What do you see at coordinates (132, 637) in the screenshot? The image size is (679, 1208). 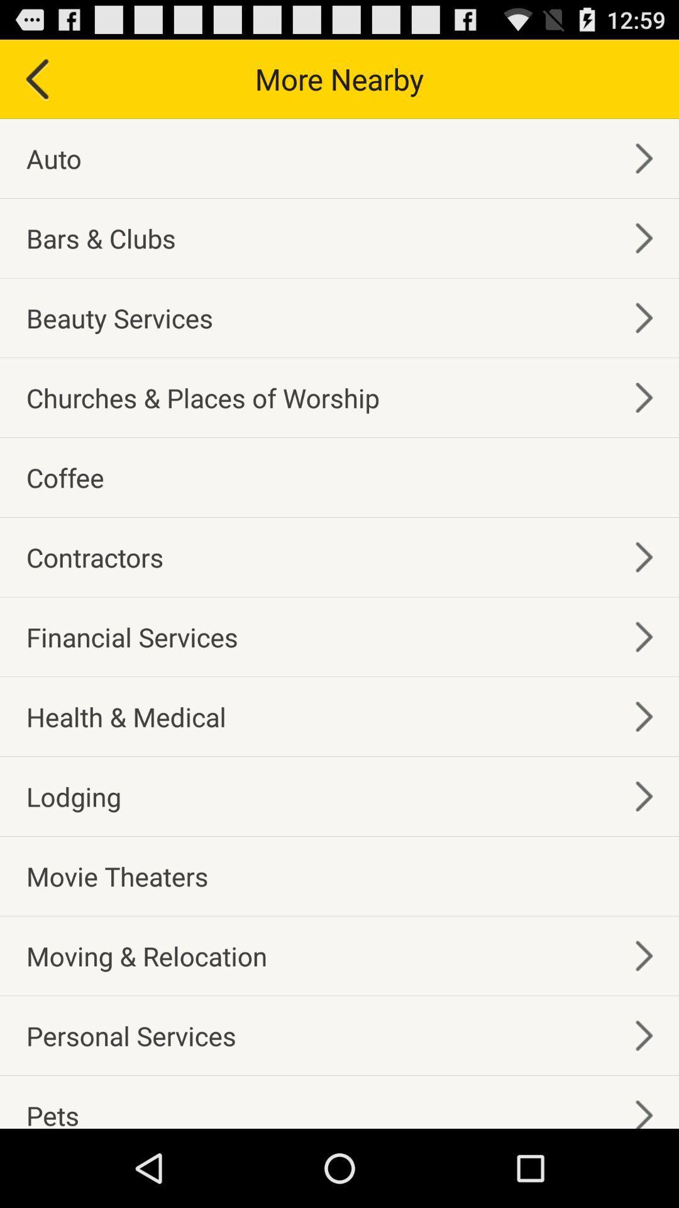 I see `the item below contractors item` at bounding box center [132, 637].